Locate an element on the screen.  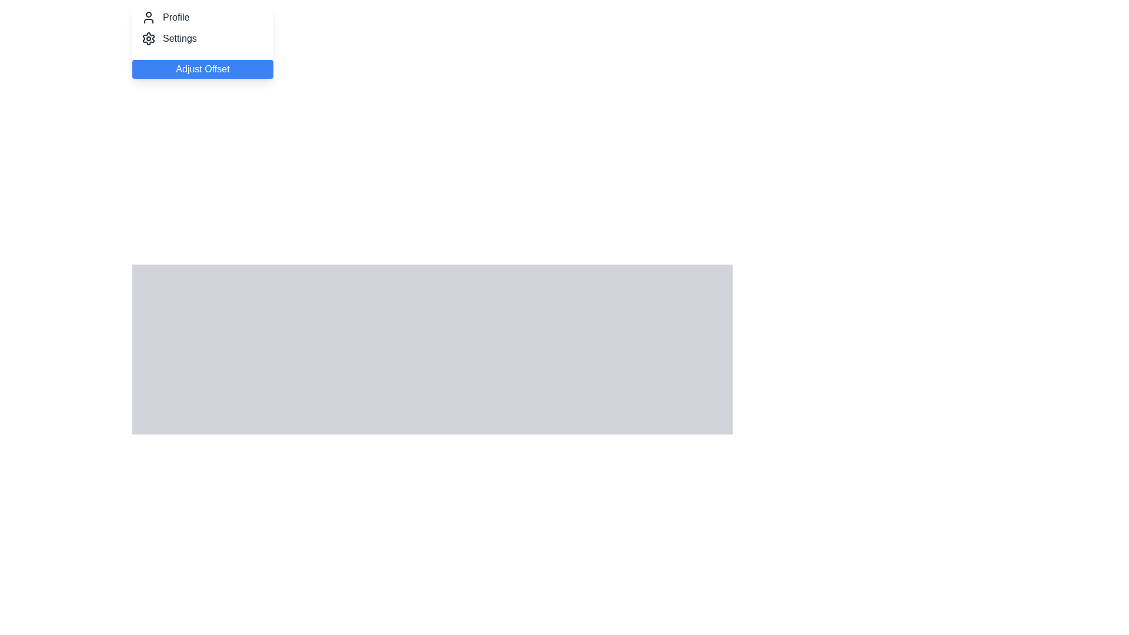
the 'Adjust Offset' button located at the bottom of the dropdown panel is located at coordinates (203, 69).